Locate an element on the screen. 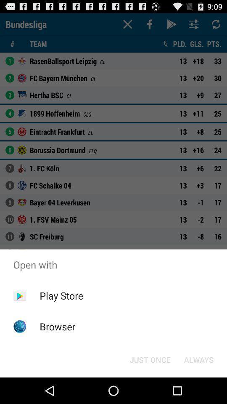 The height and width of the screenshot is (404, 227). icon to the right of just once icon is located at coordinates (198, 359).